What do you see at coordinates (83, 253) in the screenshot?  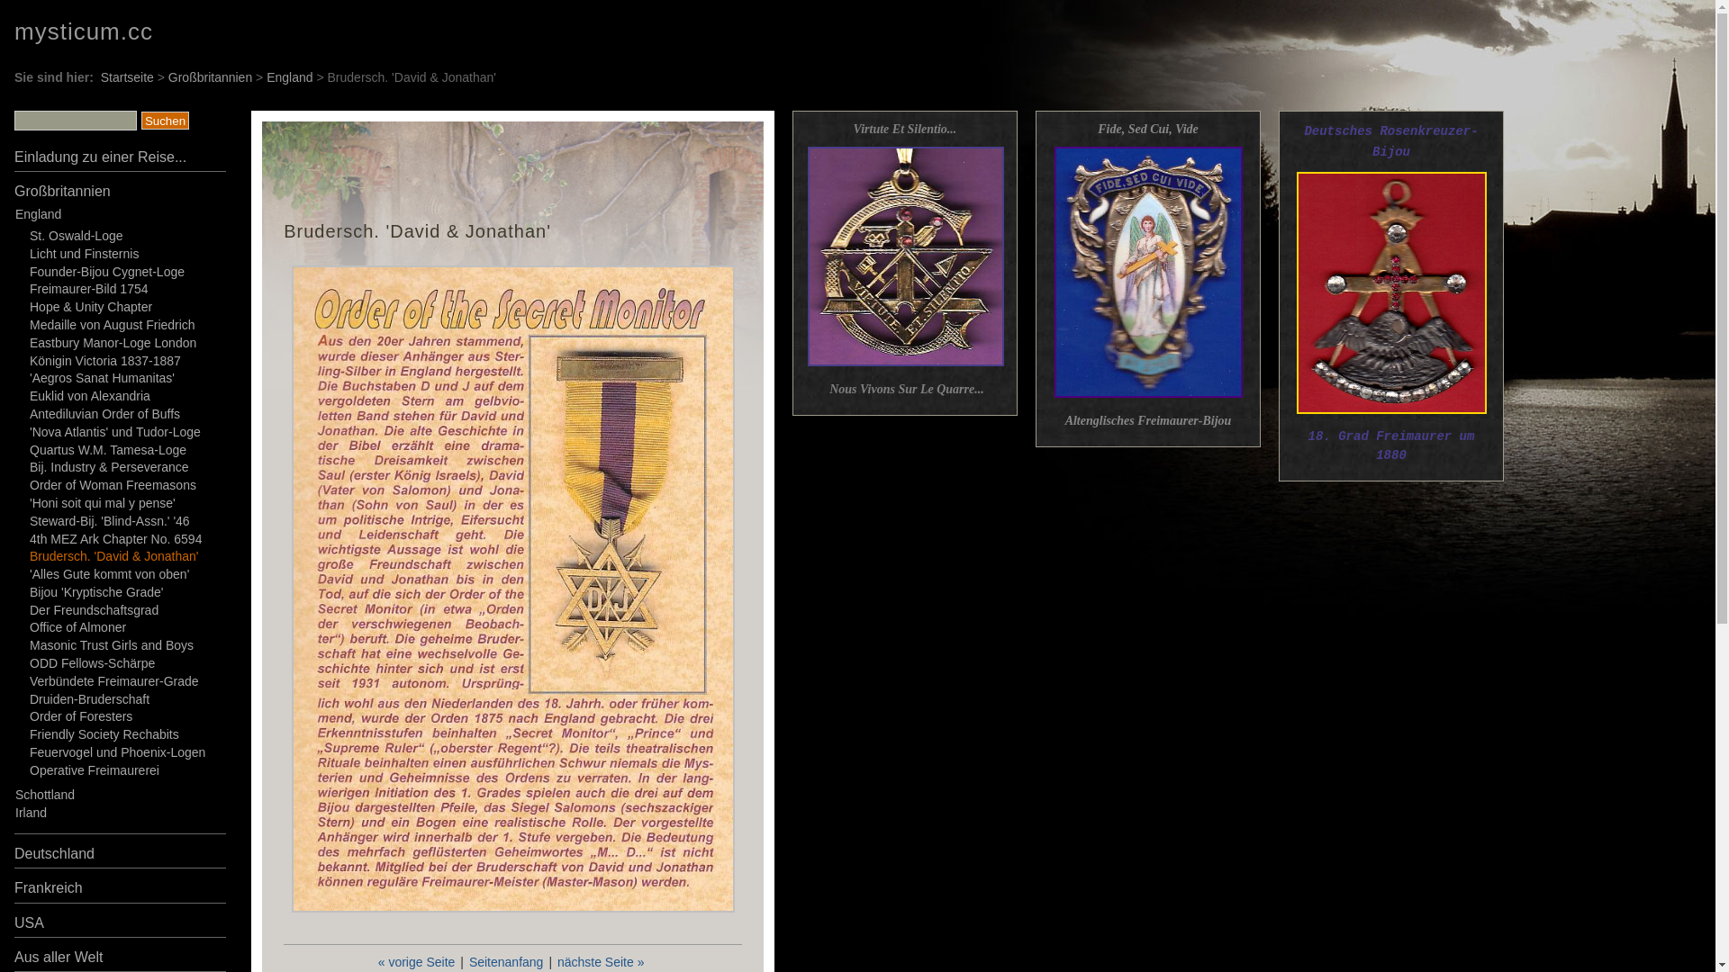 I see `'Licht und Finsternis'` at bounding box center [83, 253].